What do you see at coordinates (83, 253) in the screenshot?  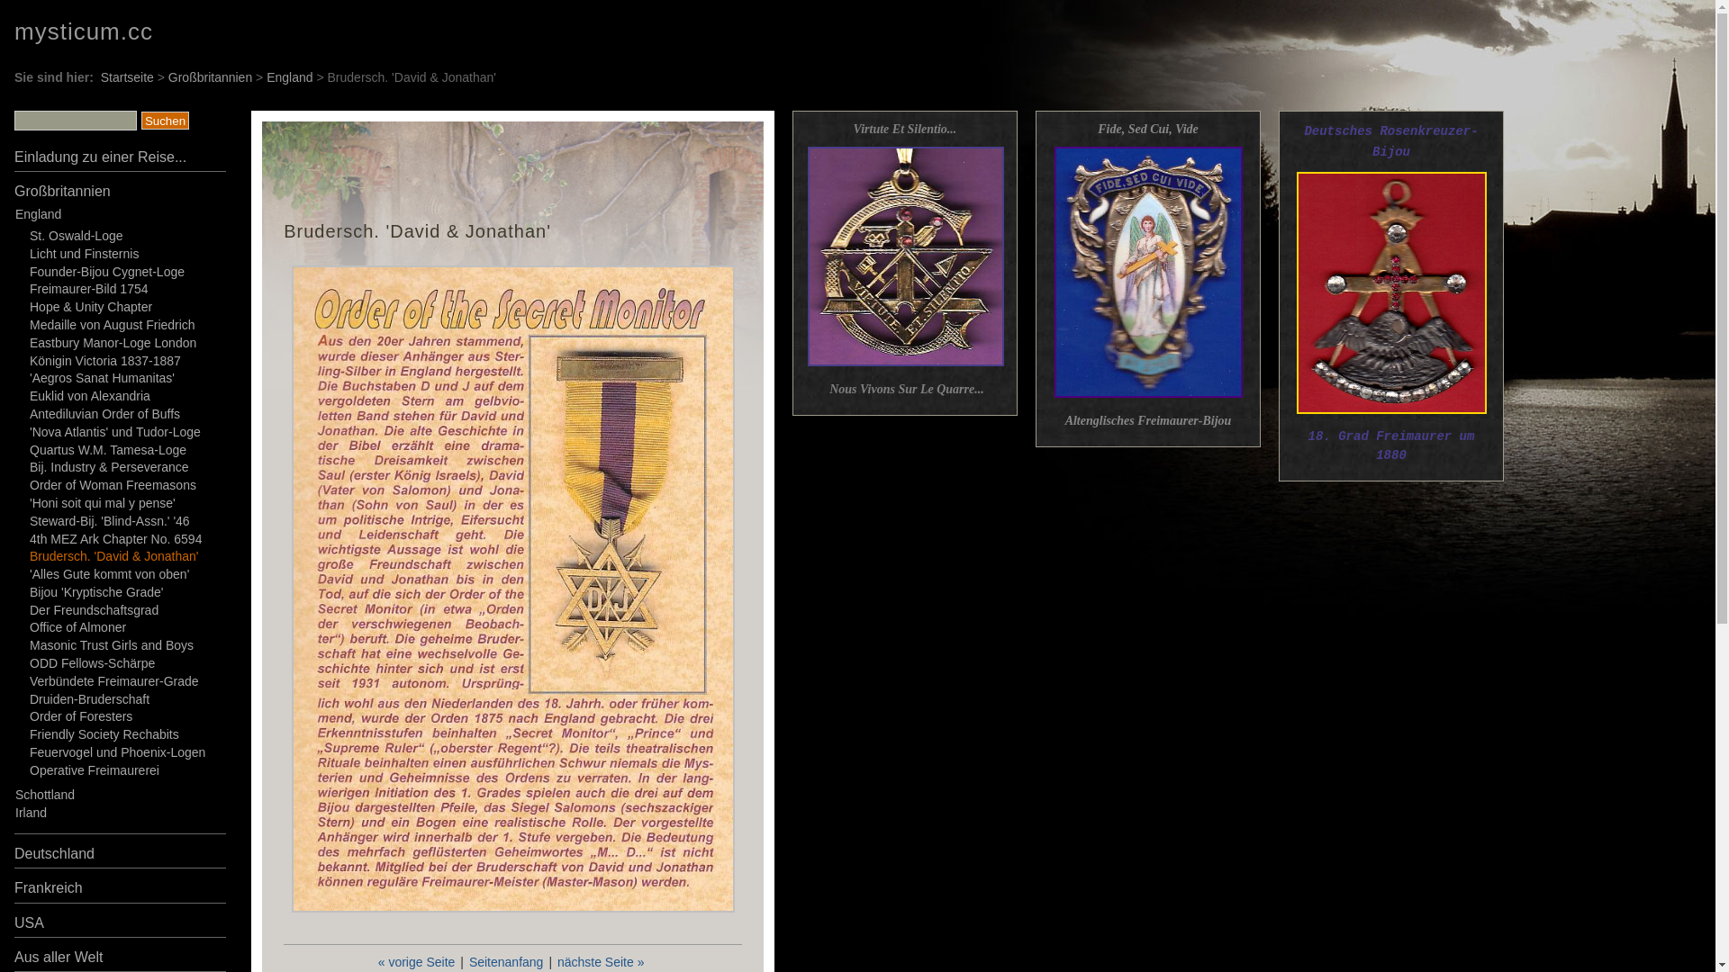 I see `'Licht und Finsternis'` at bounding box center [83, 253].